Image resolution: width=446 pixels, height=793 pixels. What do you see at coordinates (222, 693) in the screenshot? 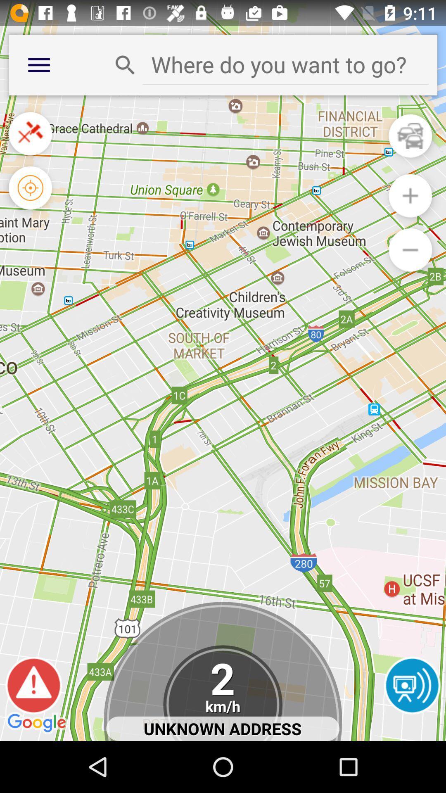
I see `changes from km to miles/h` at bounding box center [222, 693].